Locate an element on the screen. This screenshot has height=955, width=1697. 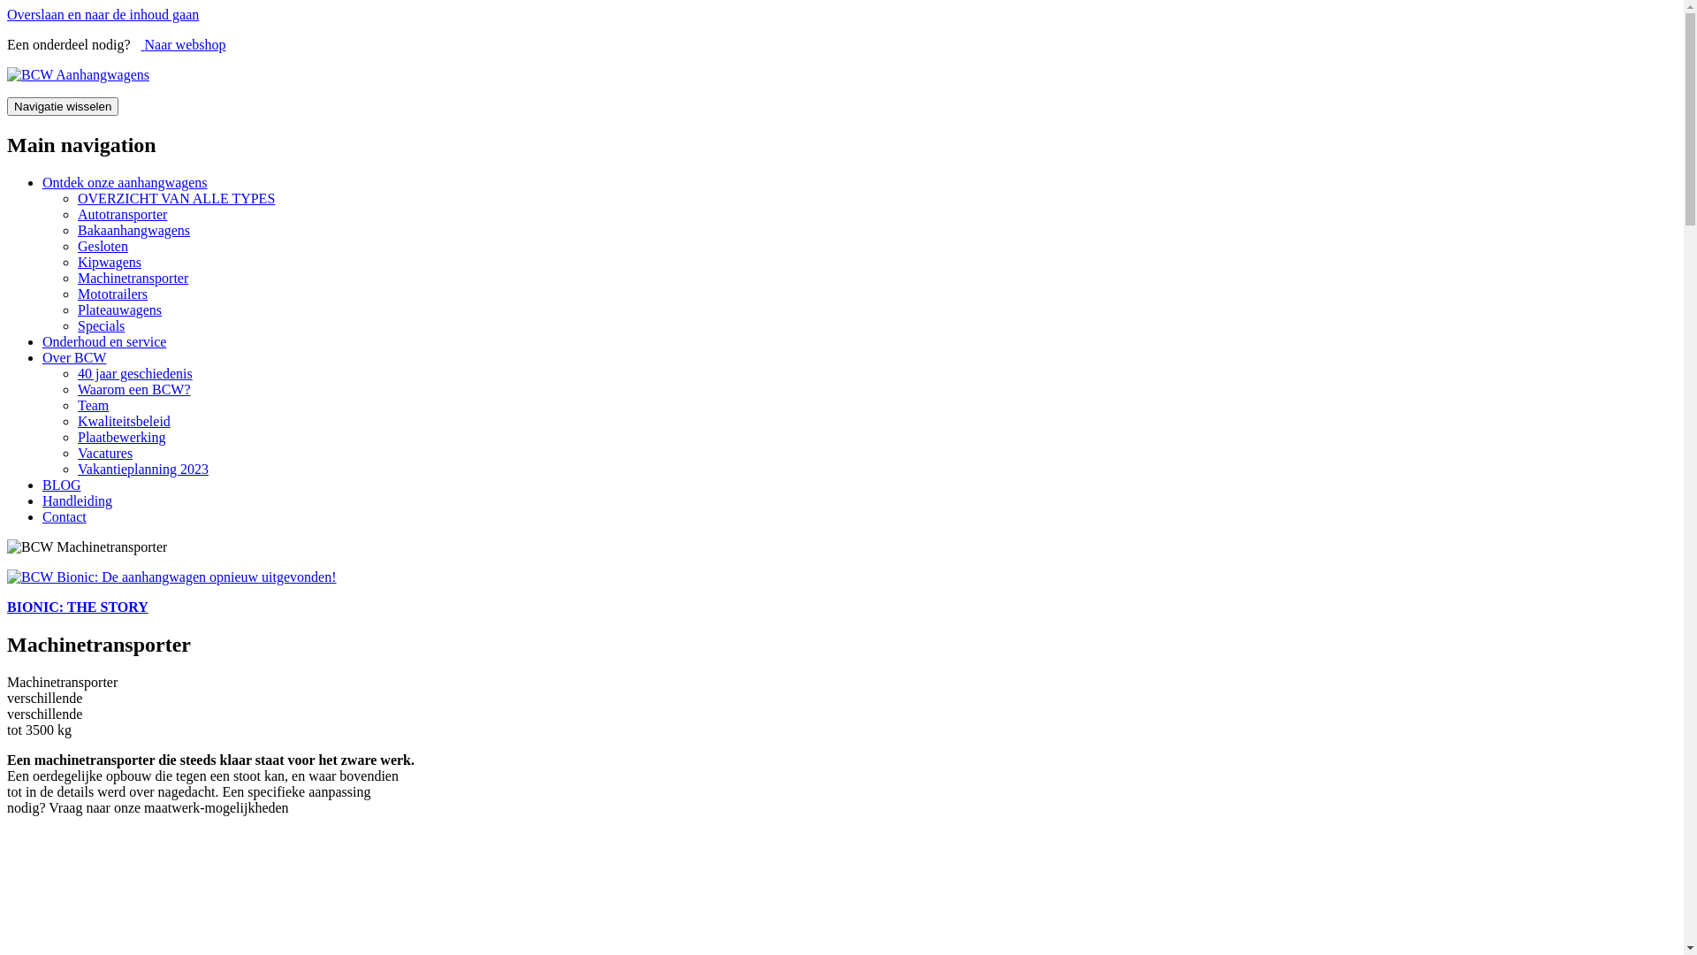
'Kwaliteitsbeleid' is located at coordinates (76, 421).